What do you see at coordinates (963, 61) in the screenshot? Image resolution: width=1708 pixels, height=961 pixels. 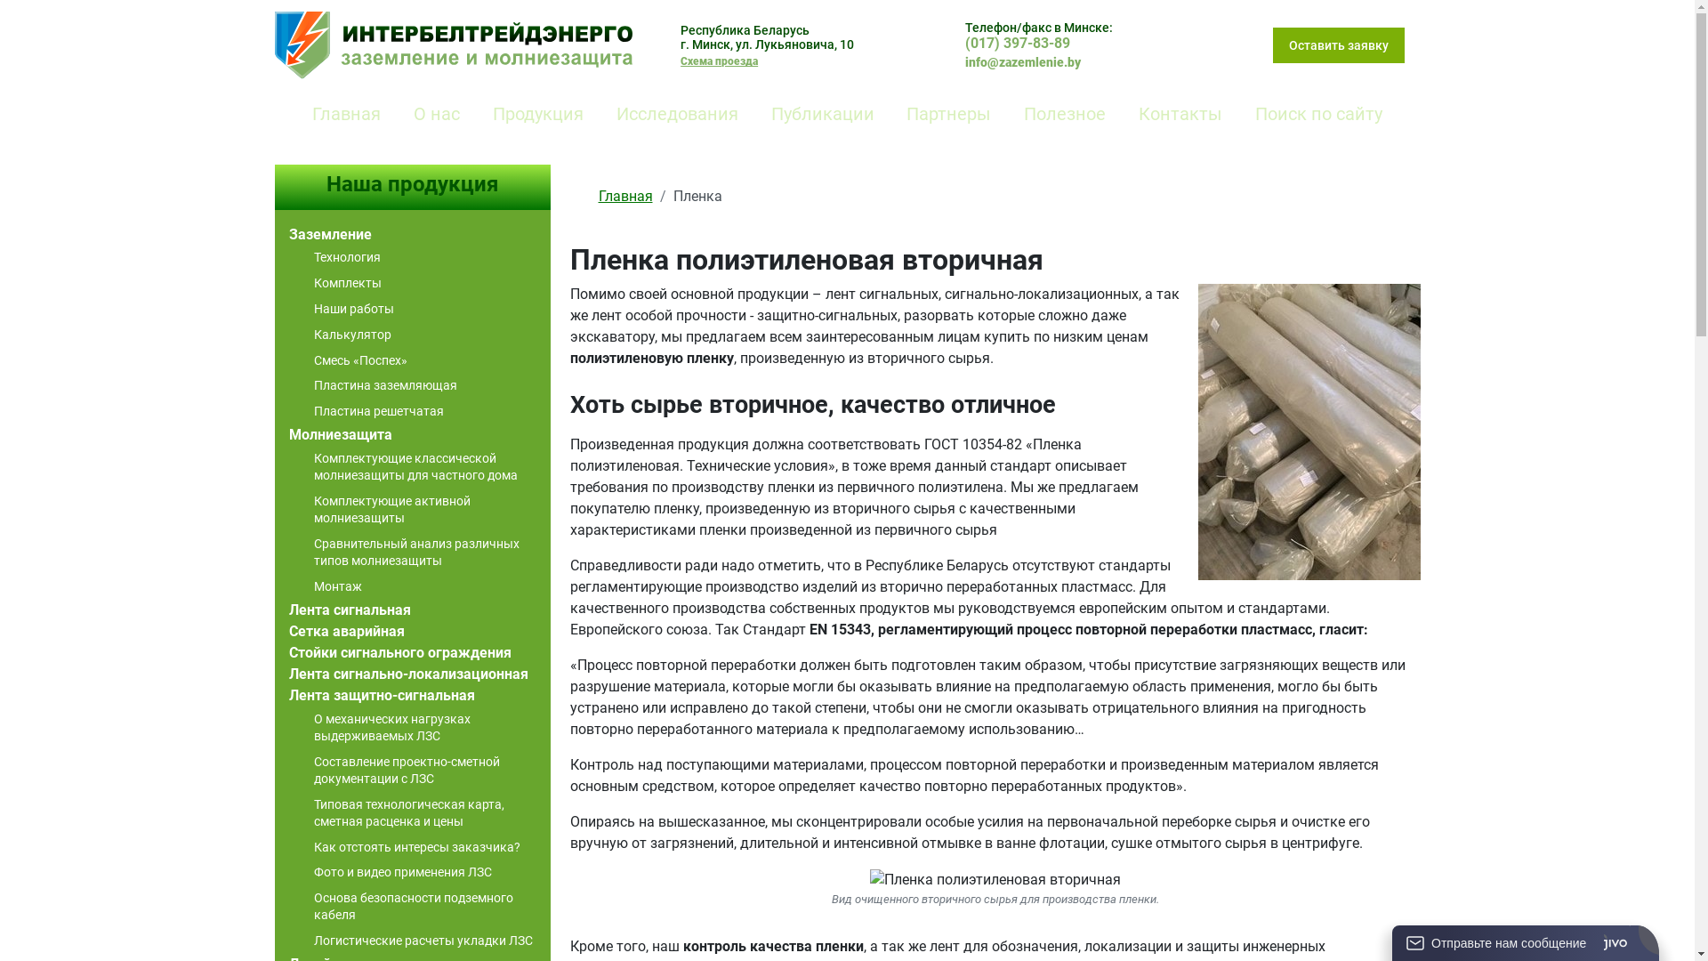 I see `'info@zazemlenie.by'` at bounding box center [963, 61].